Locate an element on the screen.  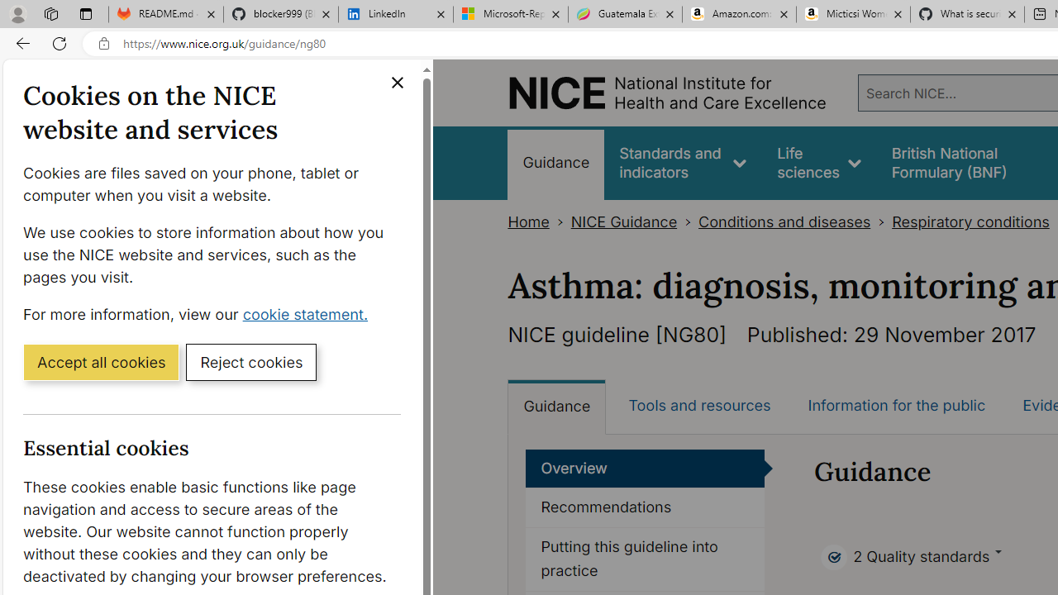
'NICE Guidance' is located at coordinates (623, 221).